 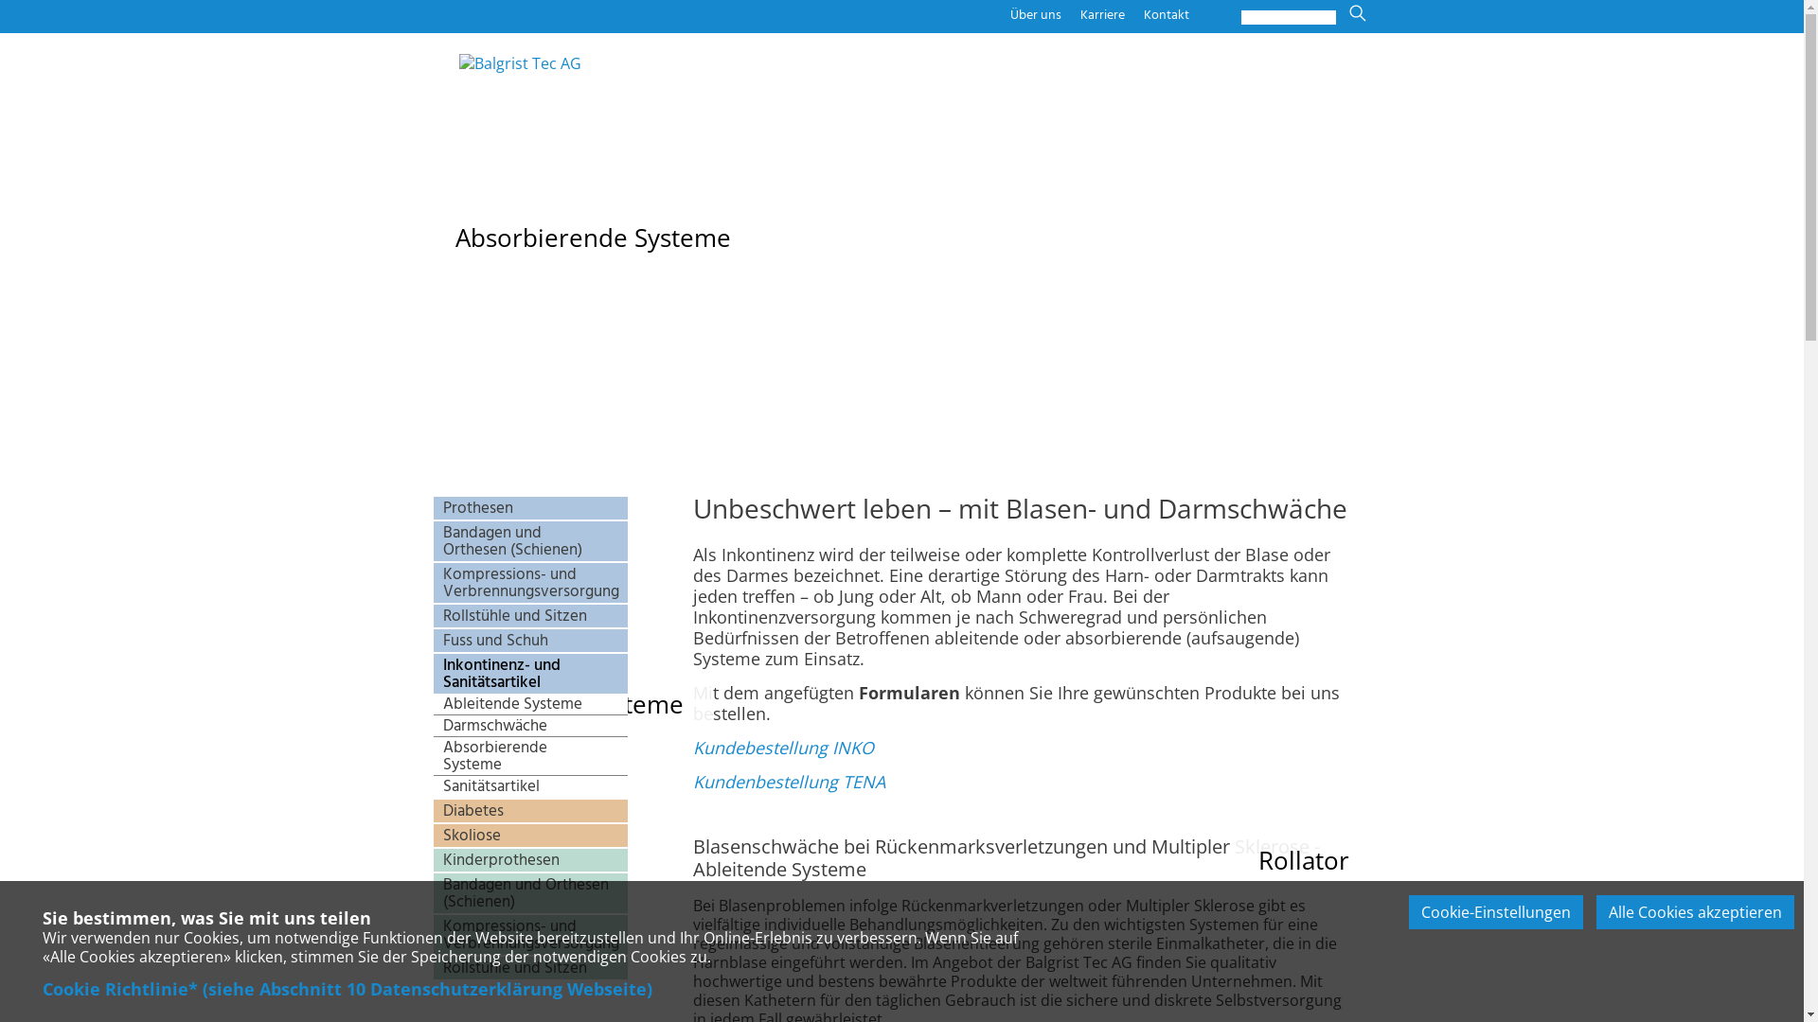 I want to click on 'Karriere', so click(x=1079, y=14).